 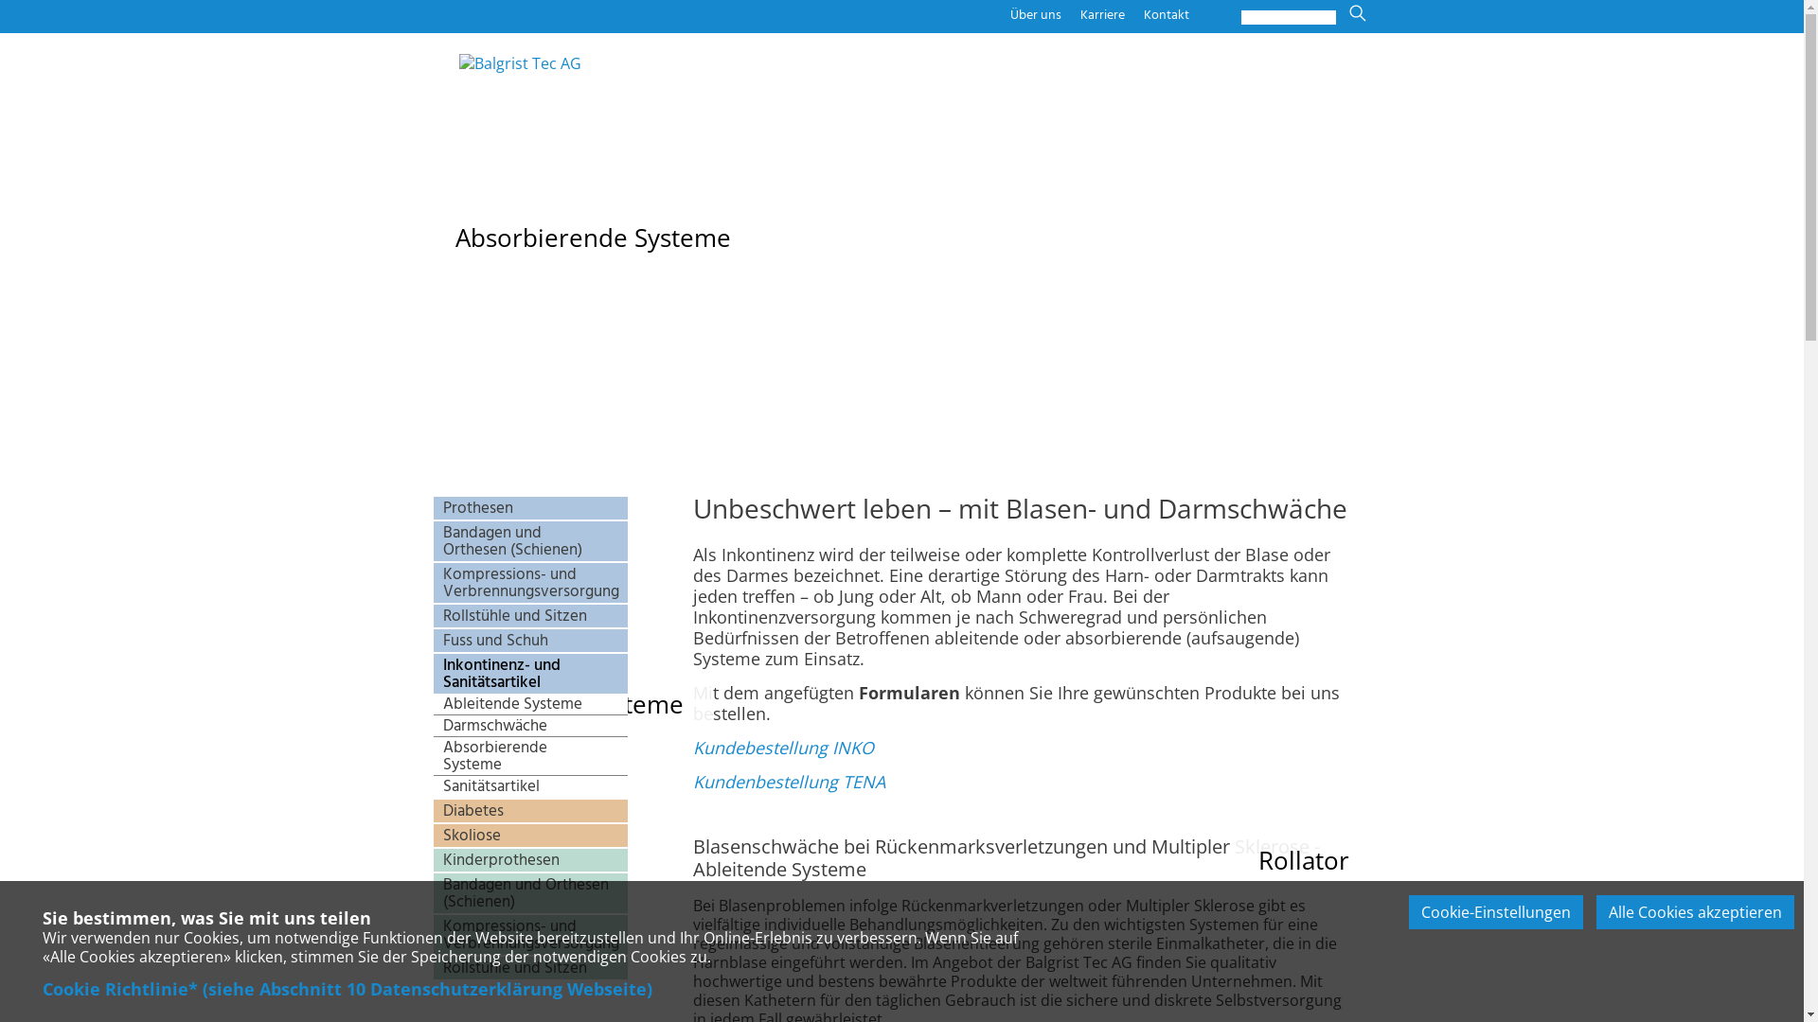 I want to click on 'Karriere', so click(x=1079, y=14).